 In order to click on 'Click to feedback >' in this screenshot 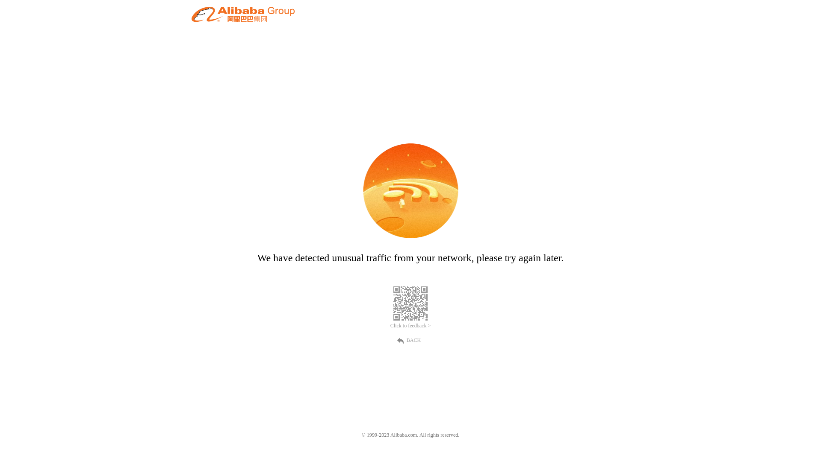, I will do `click(410, 326)`.